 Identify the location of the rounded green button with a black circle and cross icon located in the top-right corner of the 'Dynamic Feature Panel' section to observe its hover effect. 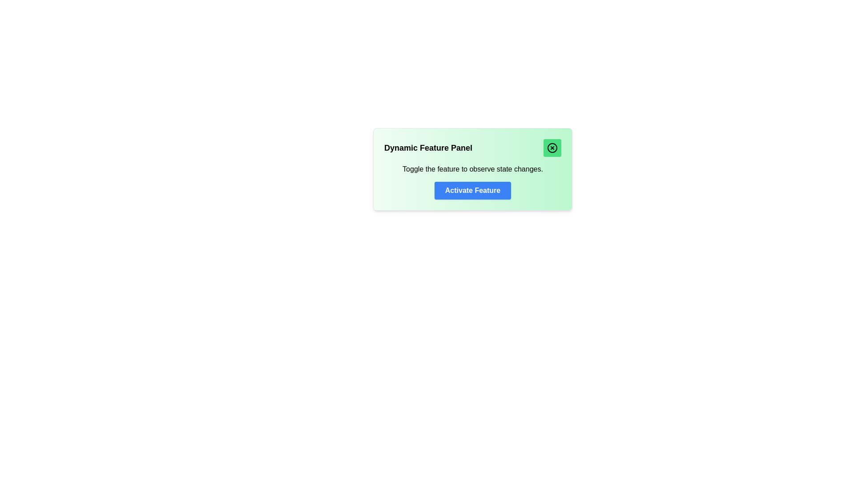
(552, 147).